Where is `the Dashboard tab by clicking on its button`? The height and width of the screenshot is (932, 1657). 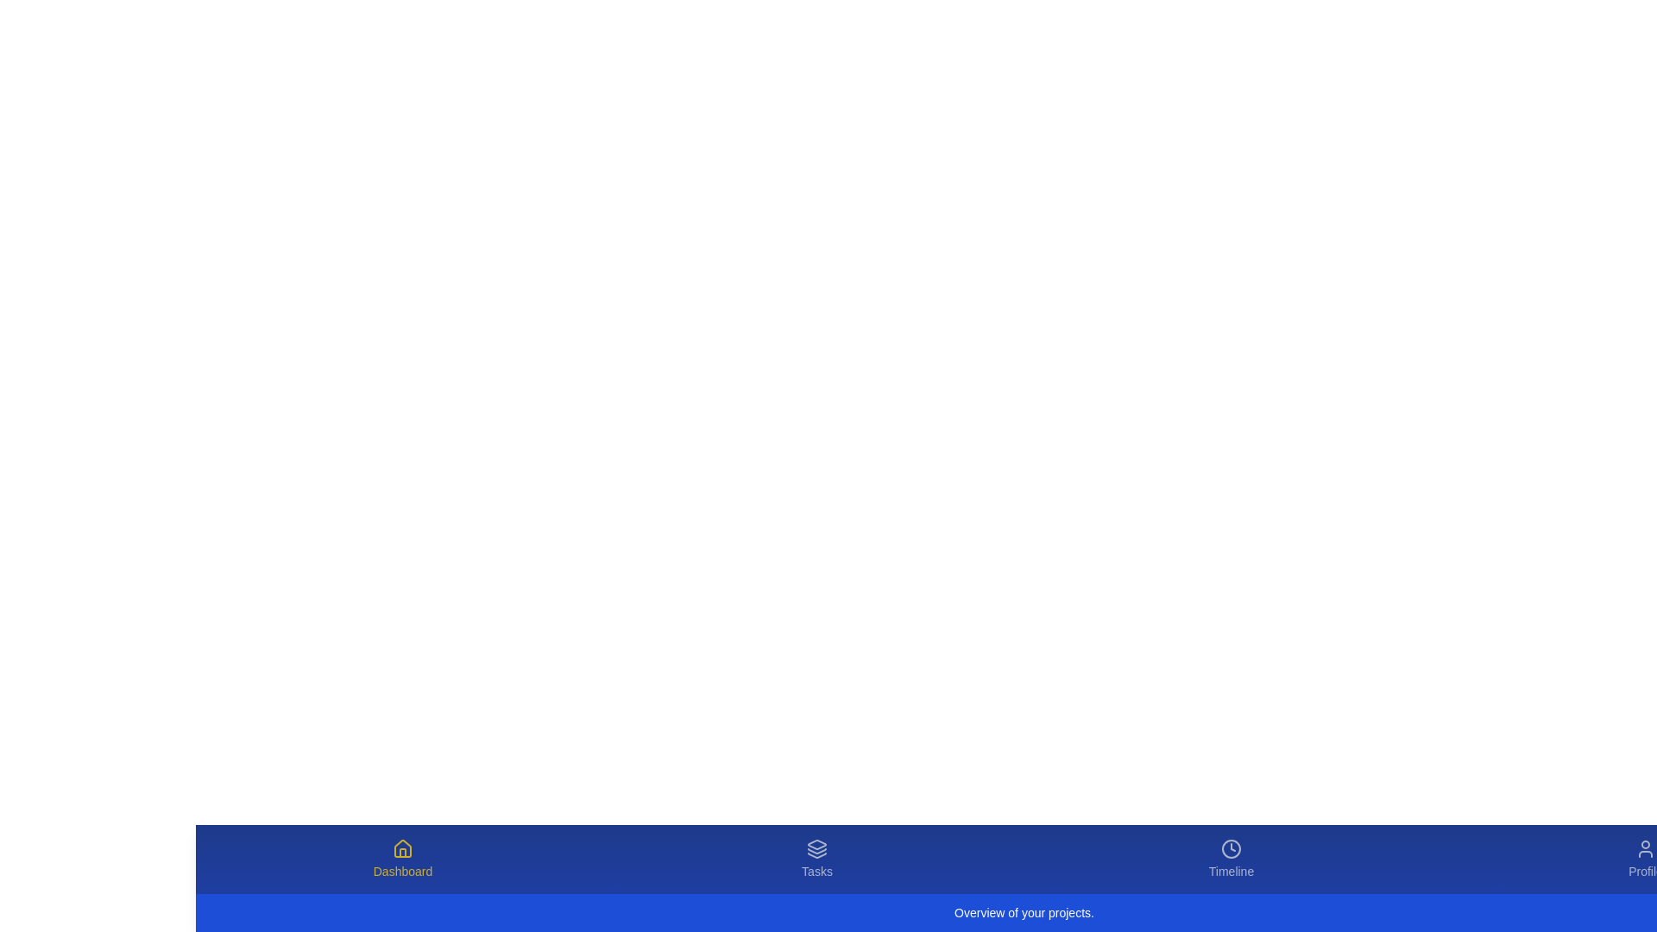 the Dashboard tab by clicking on its button is located at coordinates (401, 859).